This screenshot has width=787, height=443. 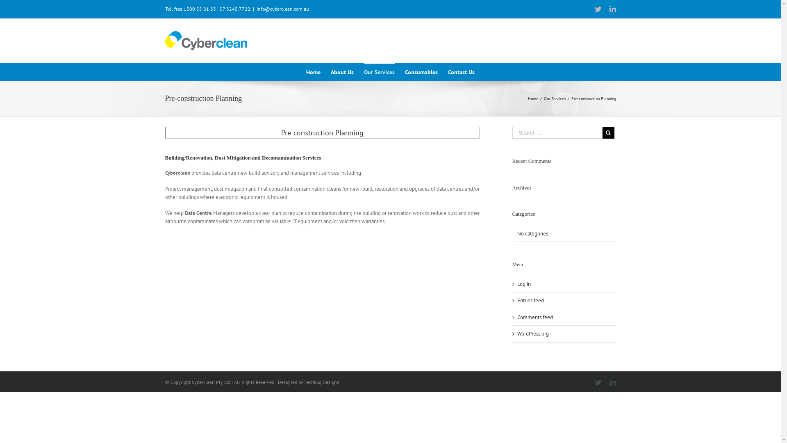 I want to click on 'Home', so click(x=313, y=71).